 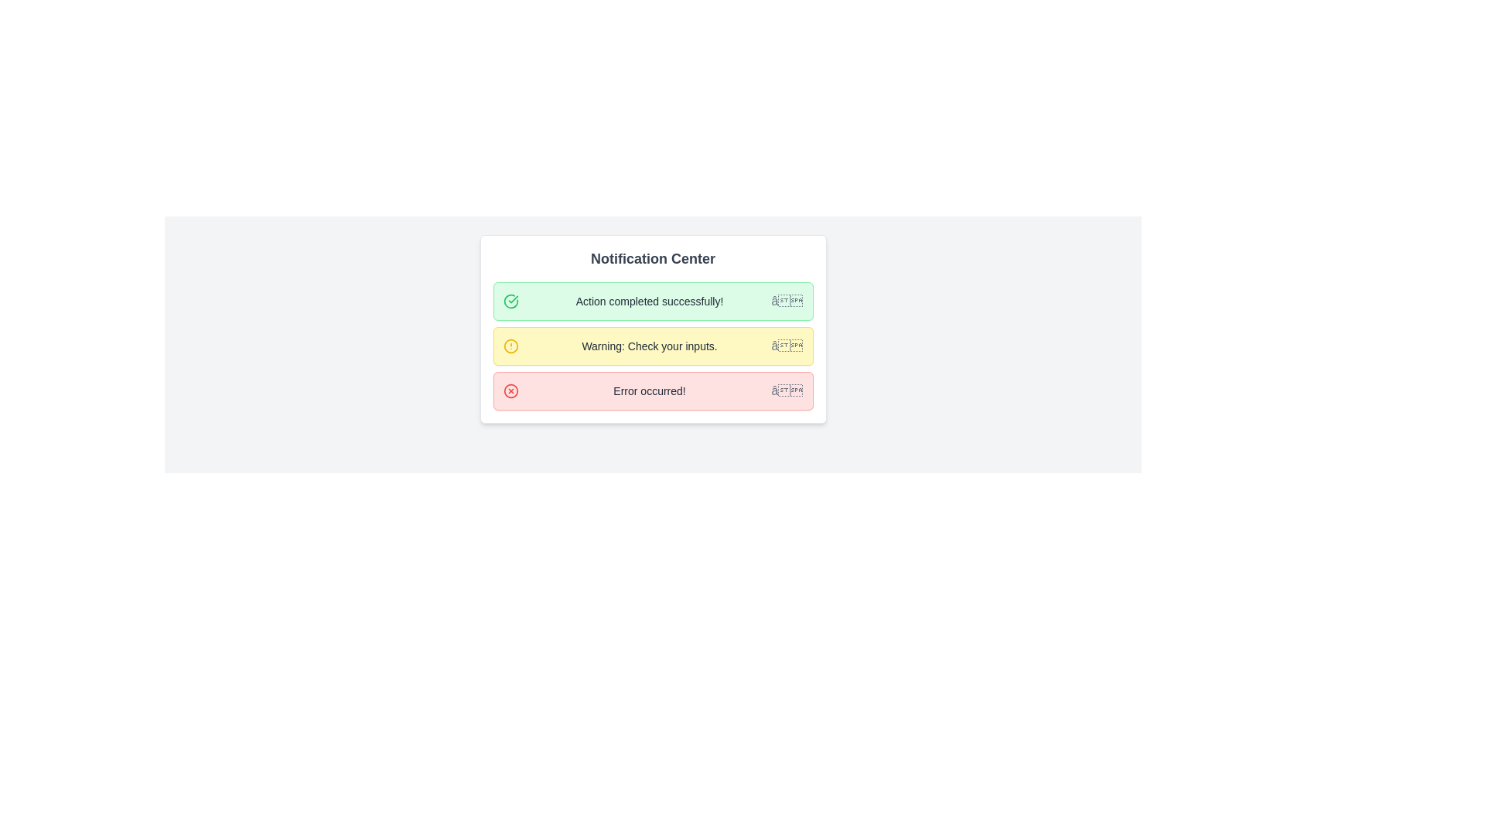 I want to click on the warning icon within the second notification item in the notification center, which has a yellow background and is associated with a warning message, so click(x=510, y=345).